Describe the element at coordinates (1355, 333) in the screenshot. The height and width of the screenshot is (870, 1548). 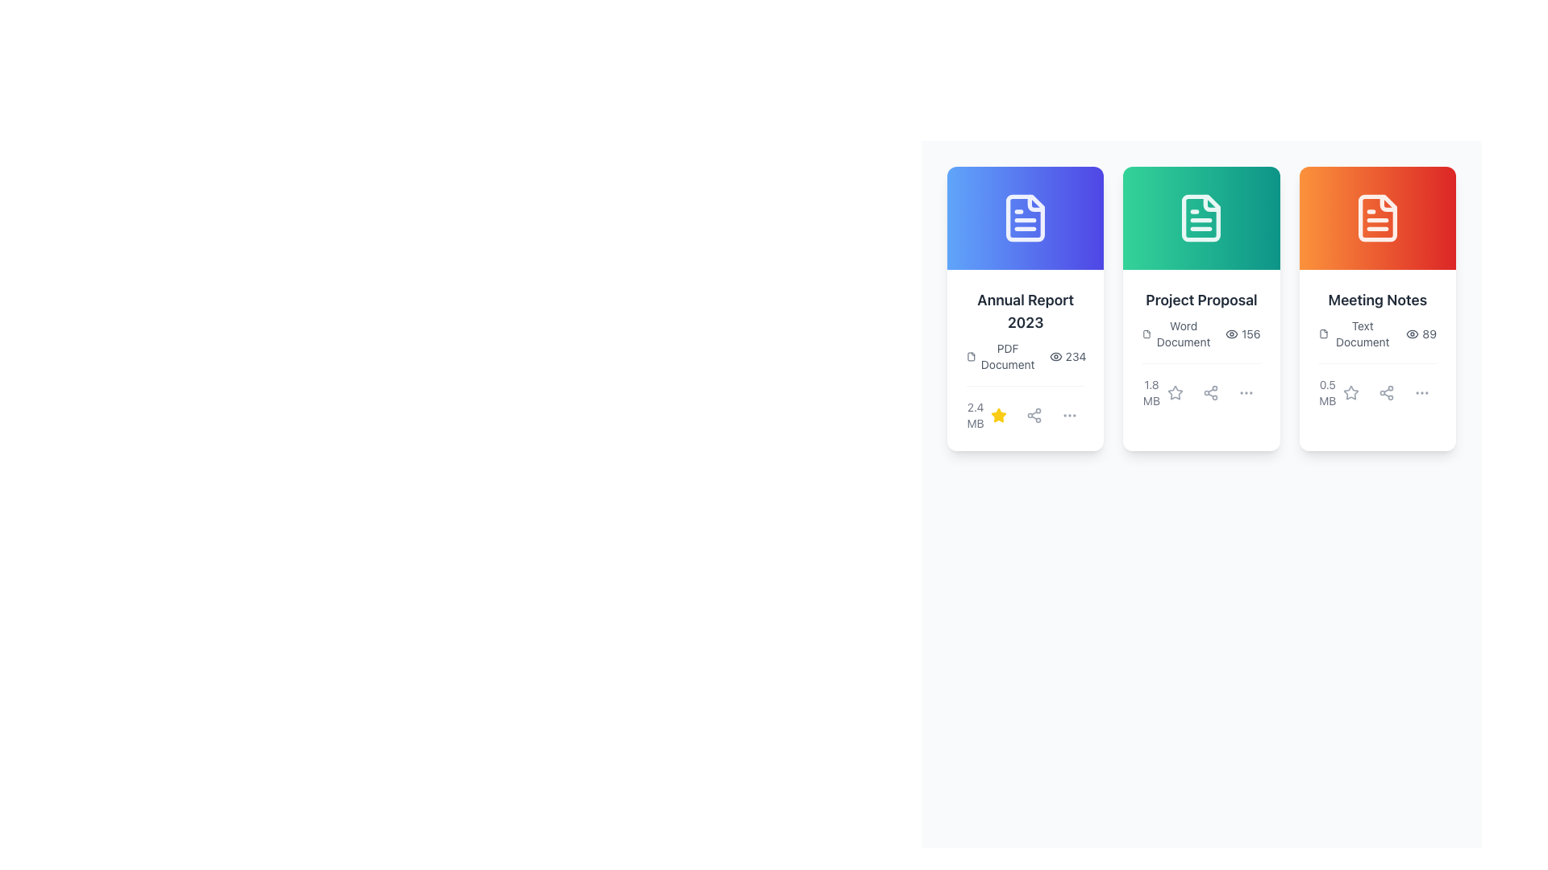
I see `the file icon in the 'Meeting Notes' card below the title for additional details or actions related to the document` at that location.